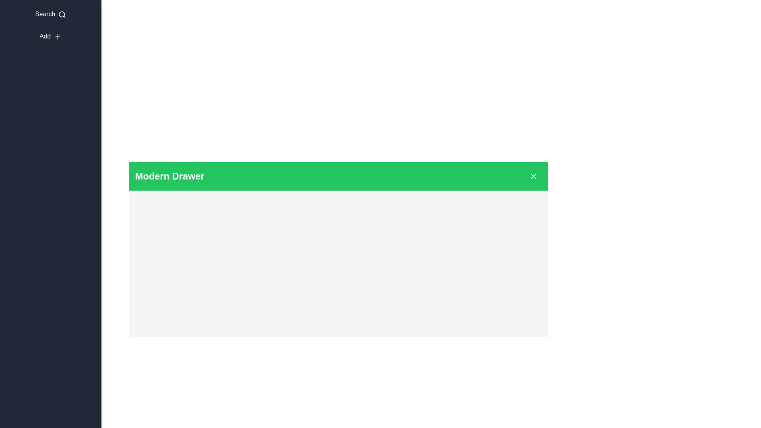 Image resolution: width=761 pixels, height=428 pixels. Describe the element at coordinates (533, 176) in the screenshot. I see `the close button located at the far right of the horizontal green bar, adjacent to the header 'Modern Drawer'` at that location.